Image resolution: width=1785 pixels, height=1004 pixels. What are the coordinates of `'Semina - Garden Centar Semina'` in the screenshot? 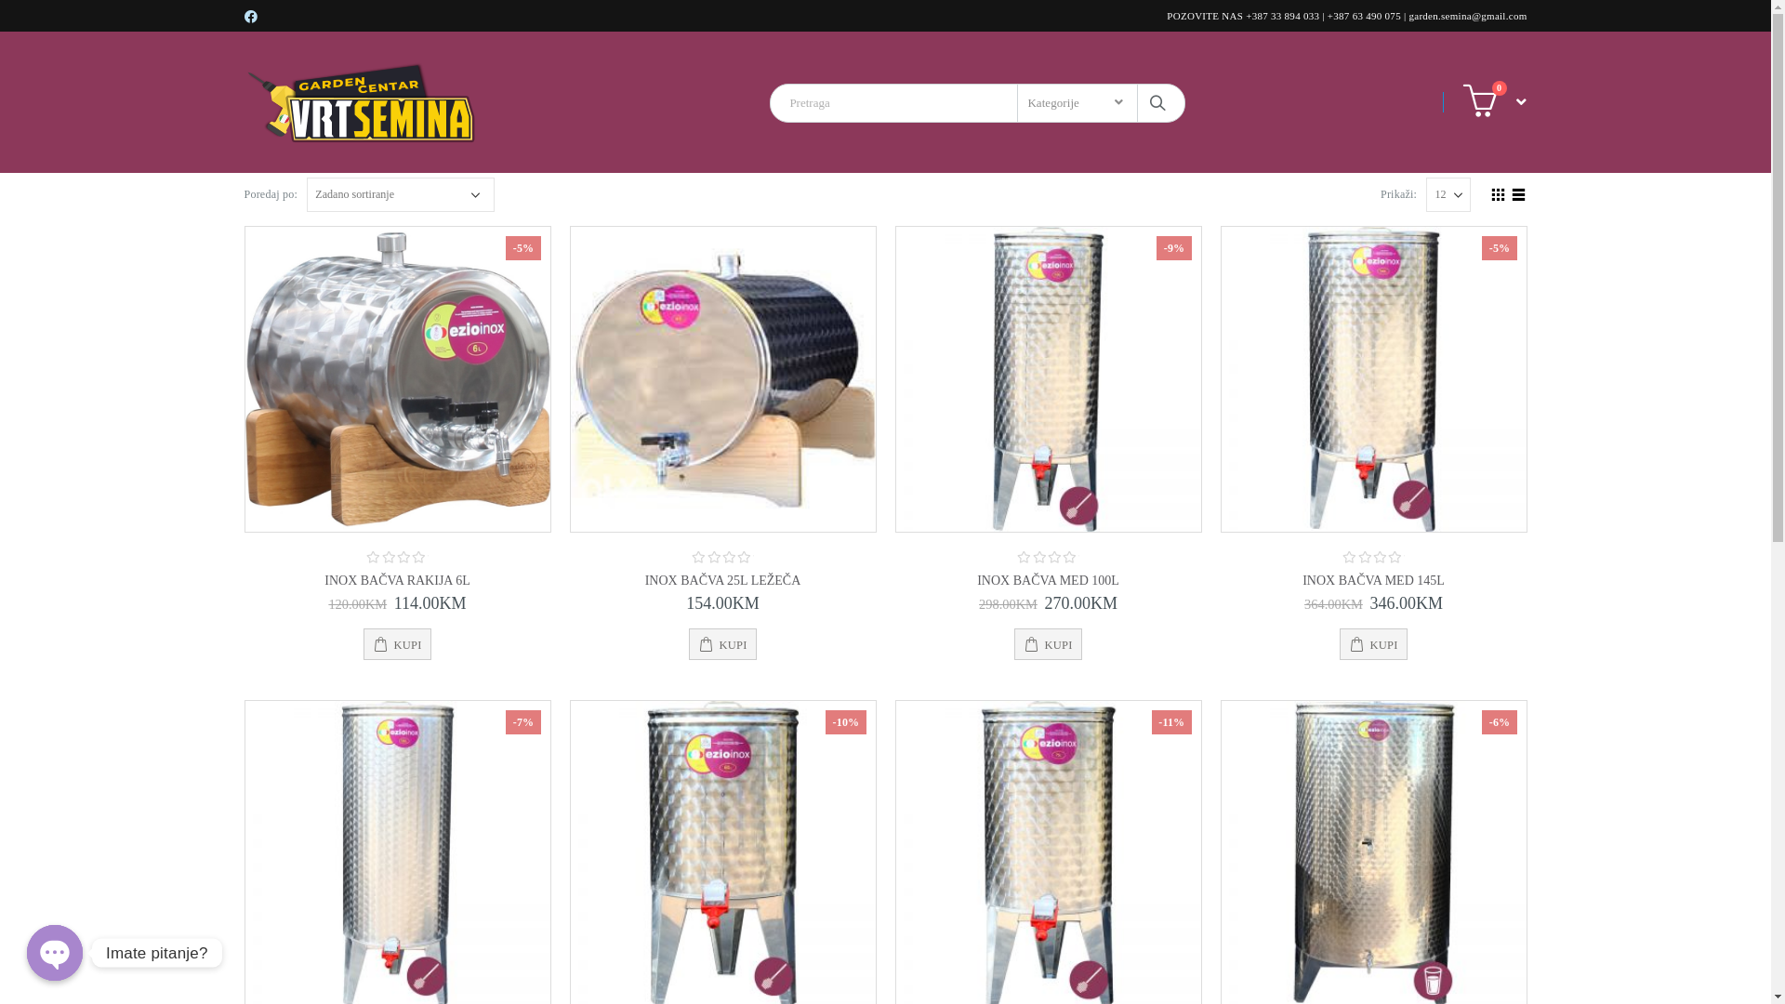 It's located at (360, 102).